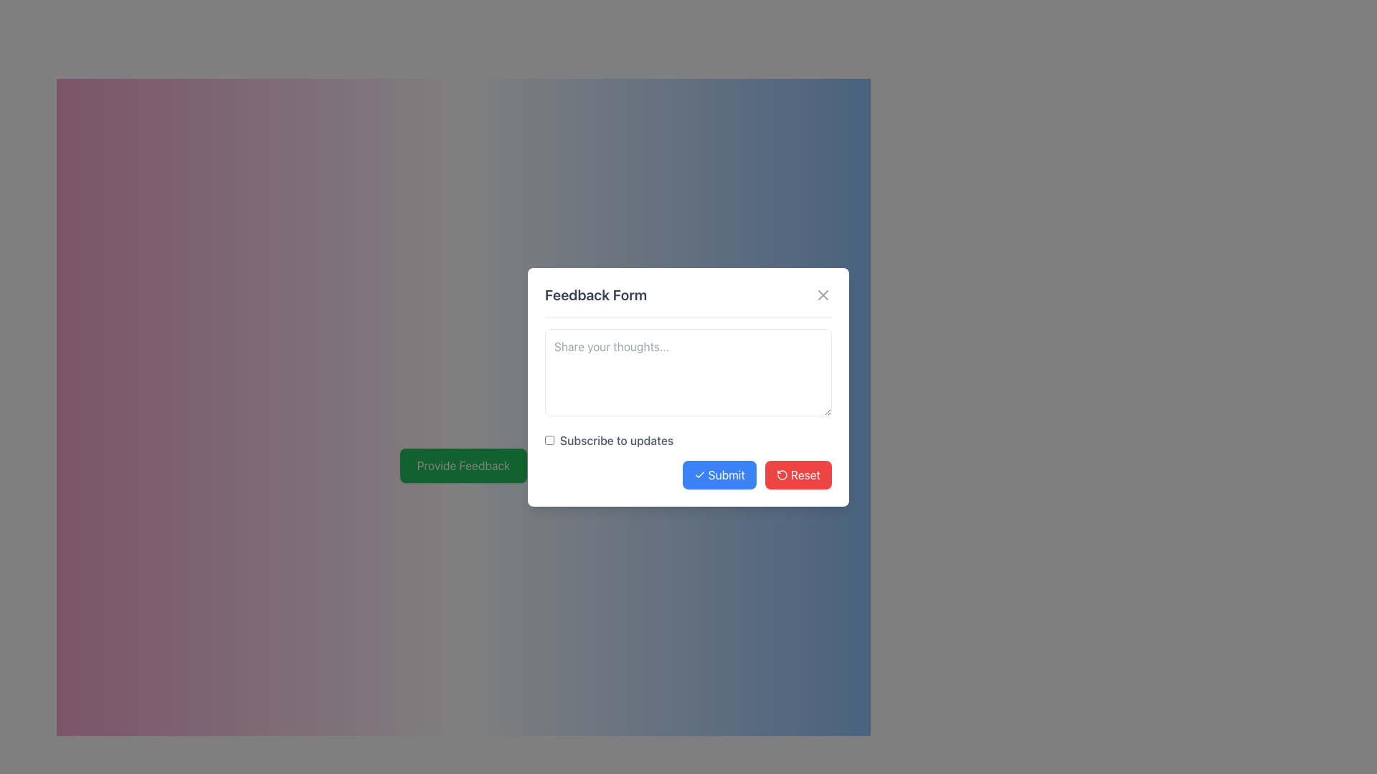 The height and width of the screenshot is (774, 1377). I want to click on the 'Provide Feedback' button with a green background and white text to observe potential visual feedback, so click(463, 466).